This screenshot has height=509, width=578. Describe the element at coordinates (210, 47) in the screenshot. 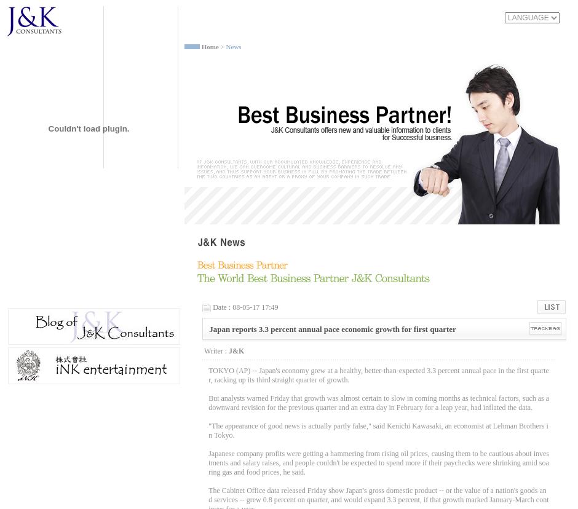

I see `'Home'` at that location.